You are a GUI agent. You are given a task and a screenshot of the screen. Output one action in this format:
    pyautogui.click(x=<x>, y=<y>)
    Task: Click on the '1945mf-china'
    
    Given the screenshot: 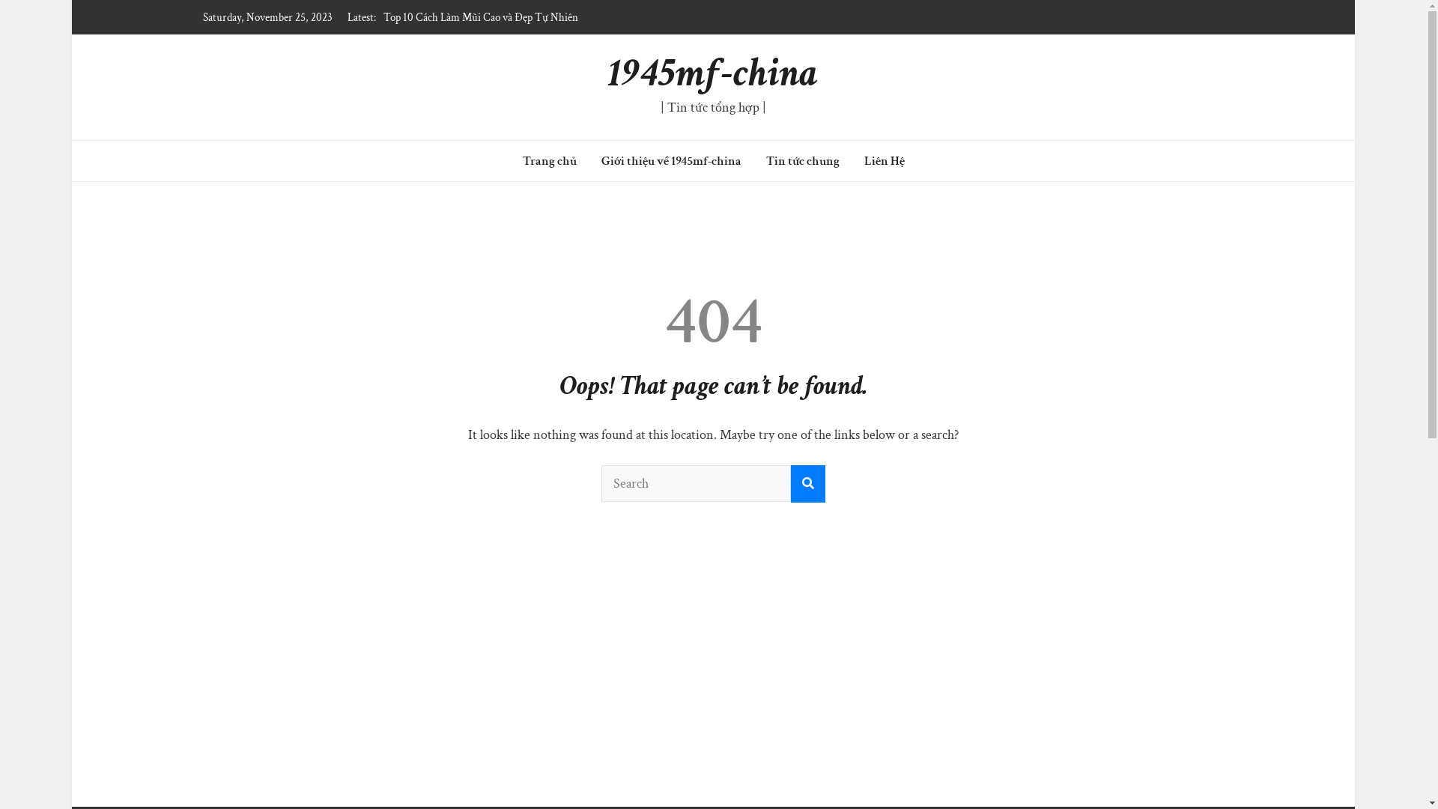 What is the action you would take?
    pyautogui.click(x=712, y=73)
    